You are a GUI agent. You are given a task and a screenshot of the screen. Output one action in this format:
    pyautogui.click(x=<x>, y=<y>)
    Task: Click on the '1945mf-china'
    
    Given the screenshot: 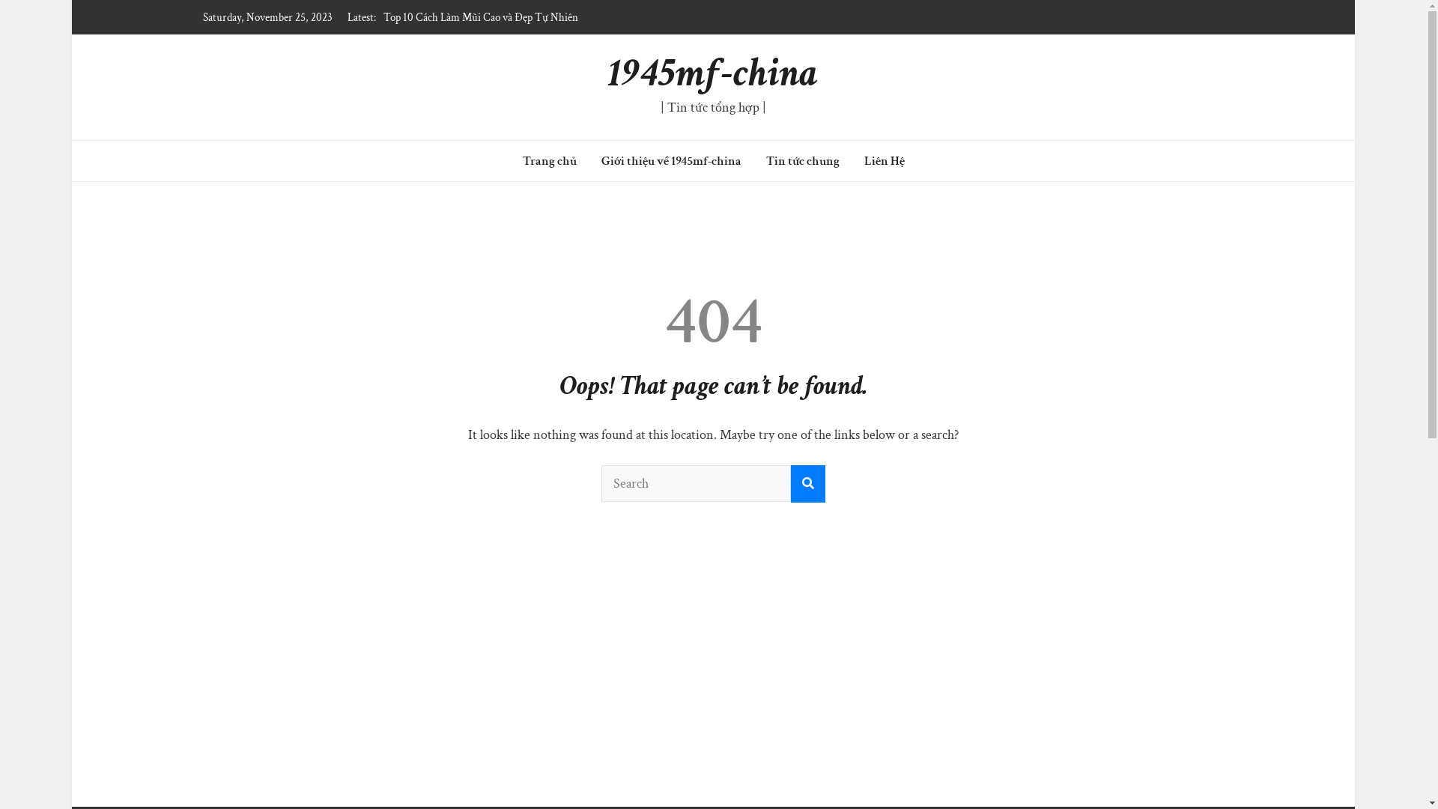 What is the action you would take?
    pyautogui.click(x=712, y=73)
    